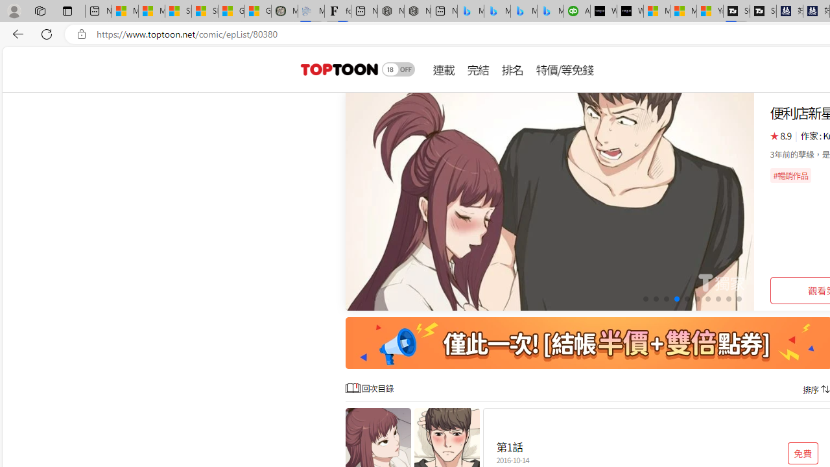 Image resolution: width=830 pixels, height=467 pixels. I want to click on 'Accounting Software for Accountants, CPAs and Bookkeepers', so click(576, 11).